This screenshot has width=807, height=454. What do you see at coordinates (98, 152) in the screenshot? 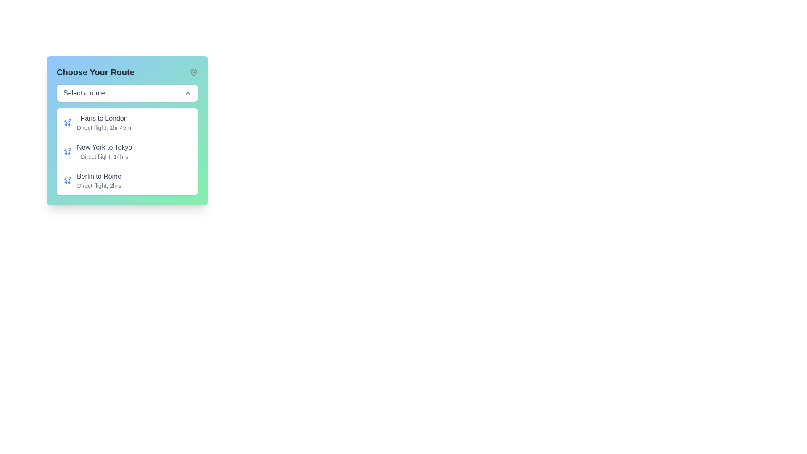
I see `the second selectable list item displaying the route option 'New York to Tokyo'` at bounding box center [98, 152].